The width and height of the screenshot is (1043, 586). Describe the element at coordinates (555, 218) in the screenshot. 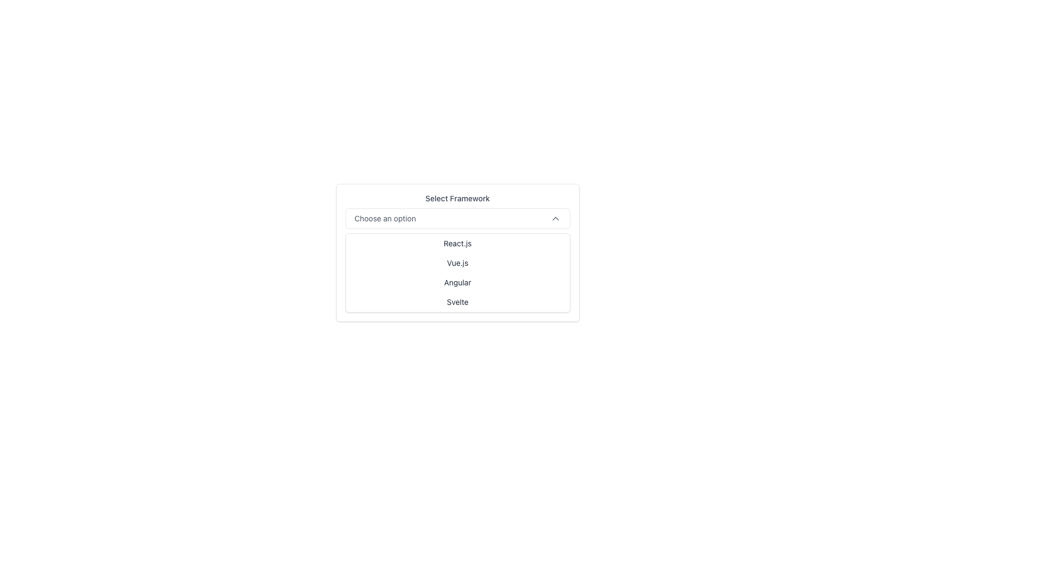

I see `the gray upward pointing chevron icon that suggests the possibility of collapsing a dropdown menu, located to the right of the 'Choose an option' label` at that location.